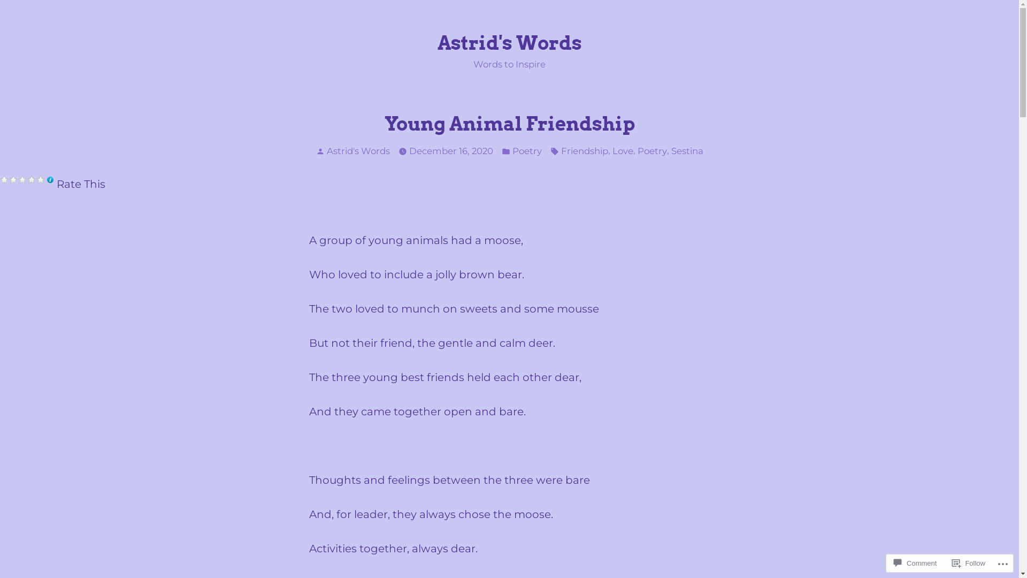  Describe the element at coordinates (450, 151) in the screenshot. I see `'December 16, 2020'` at that location.